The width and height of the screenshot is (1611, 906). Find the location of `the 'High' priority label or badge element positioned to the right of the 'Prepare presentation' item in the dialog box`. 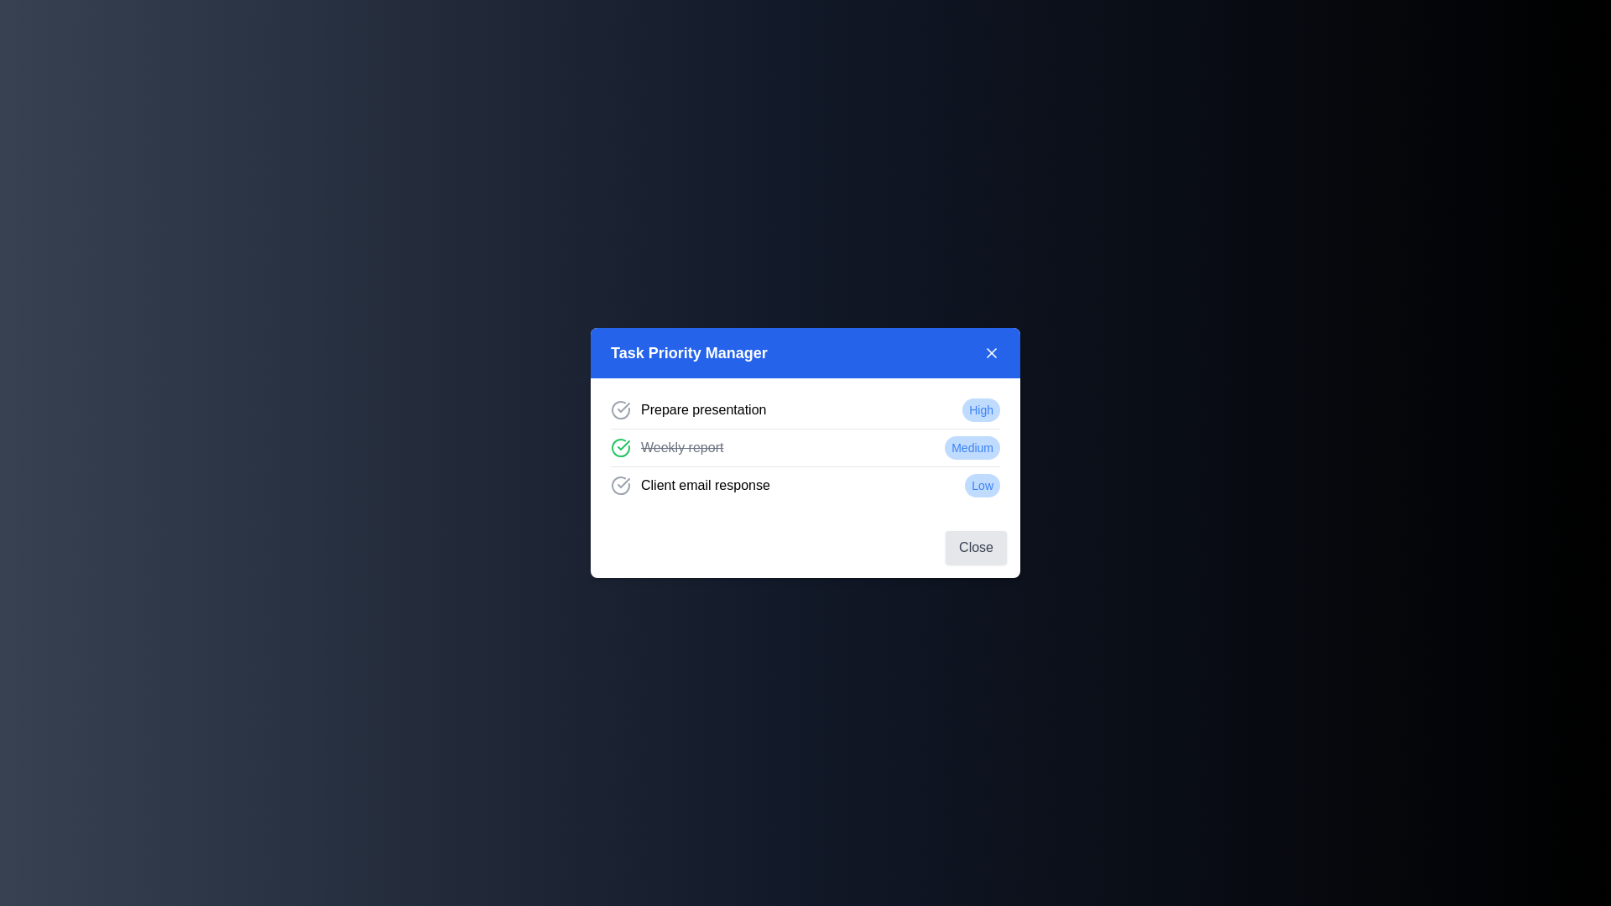

the 'High' priority label or badge element positioned to the right of the 'Prepare presentation' item in the dialog box is located at coordinates (981, 410).